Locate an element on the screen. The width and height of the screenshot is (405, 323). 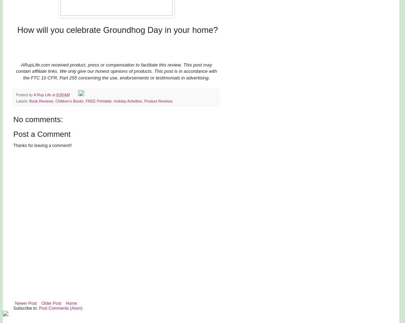
'Post Comments (Atom)' is located at coordinates (60, 308).